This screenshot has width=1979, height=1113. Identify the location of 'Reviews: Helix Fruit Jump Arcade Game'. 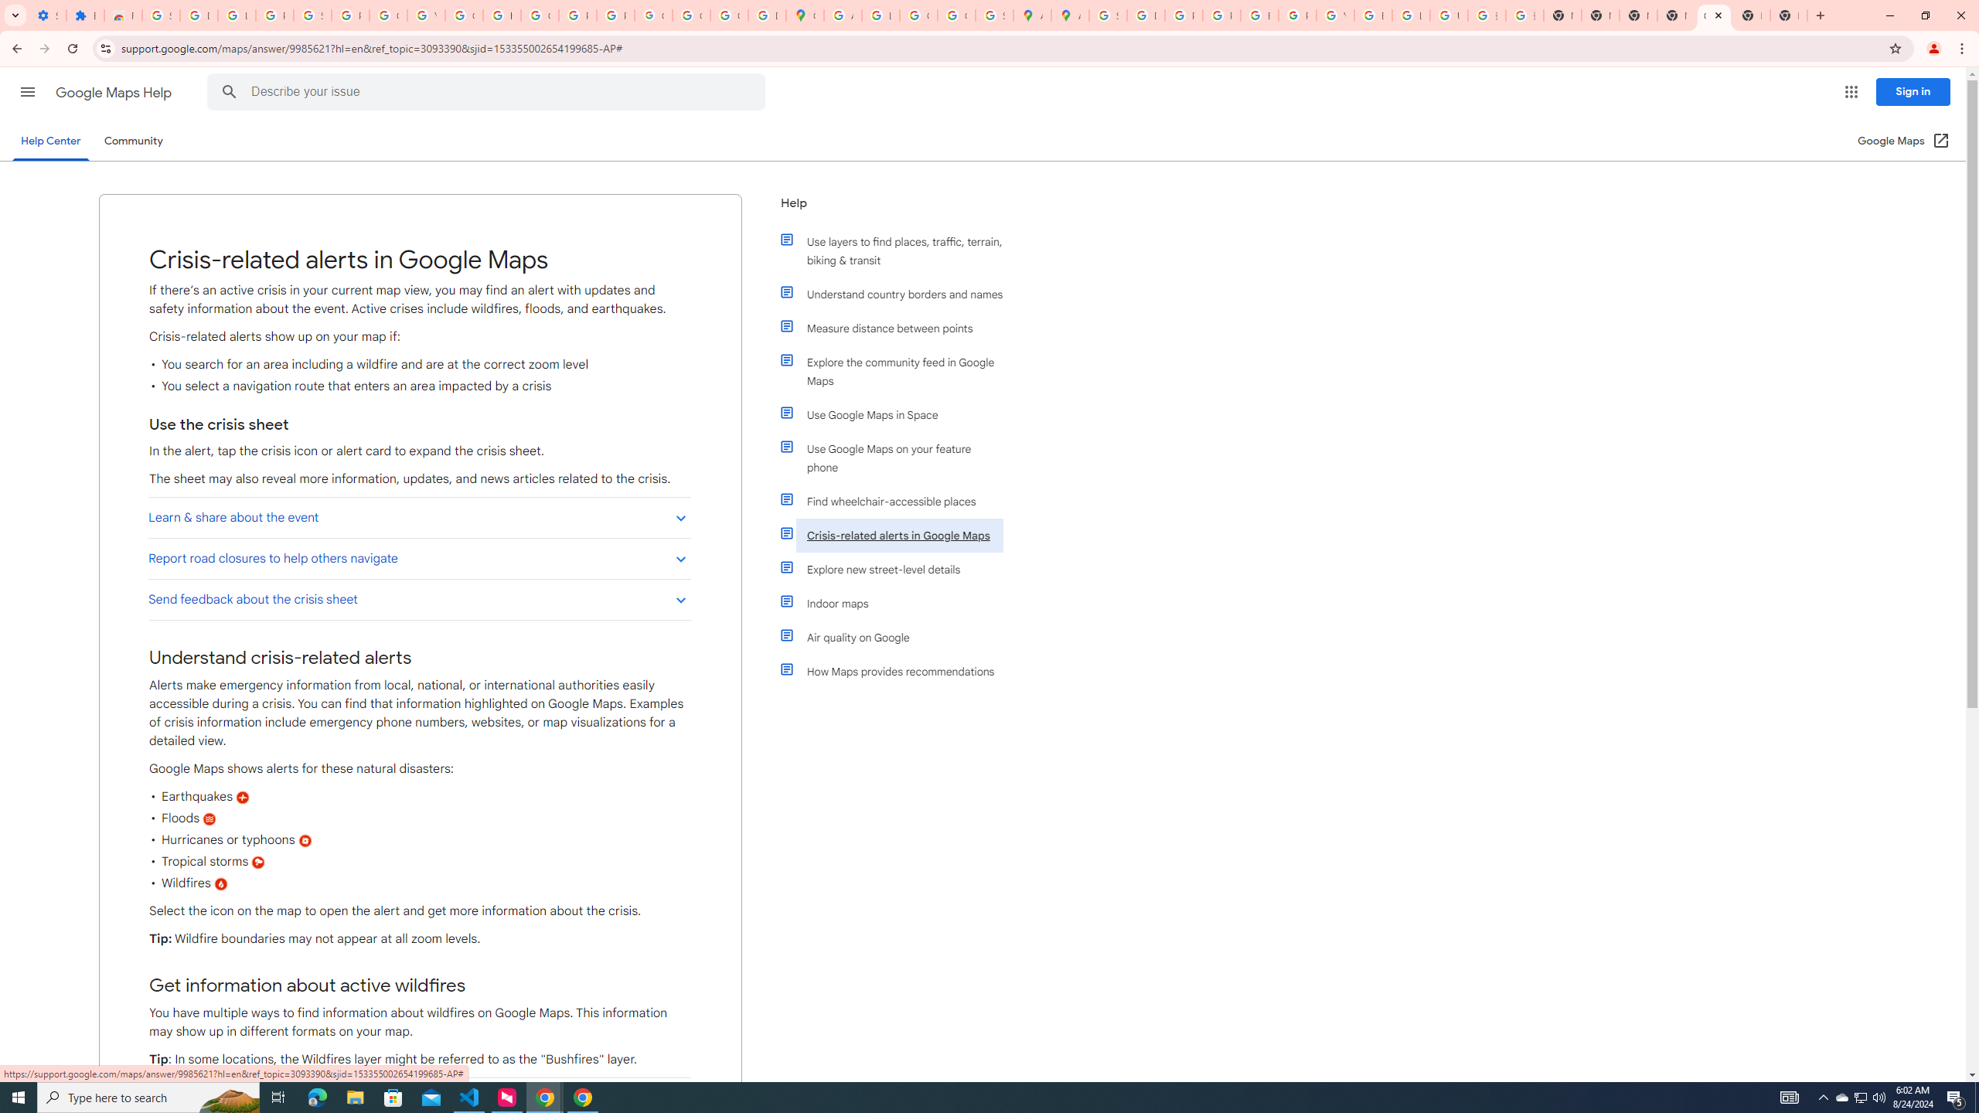
(122, 15).